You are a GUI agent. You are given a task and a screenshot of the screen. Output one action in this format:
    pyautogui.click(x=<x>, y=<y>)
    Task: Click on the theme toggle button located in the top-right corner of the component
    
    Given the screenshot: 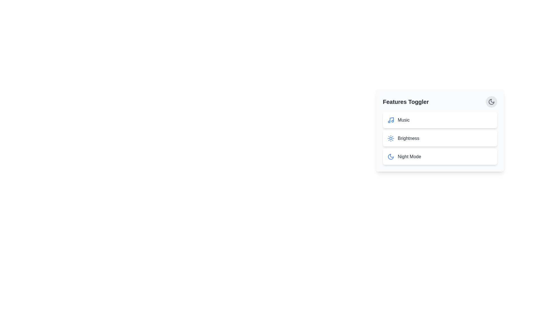 What is the action you would take?
    pyautogui.click(x=491, y=101)
    